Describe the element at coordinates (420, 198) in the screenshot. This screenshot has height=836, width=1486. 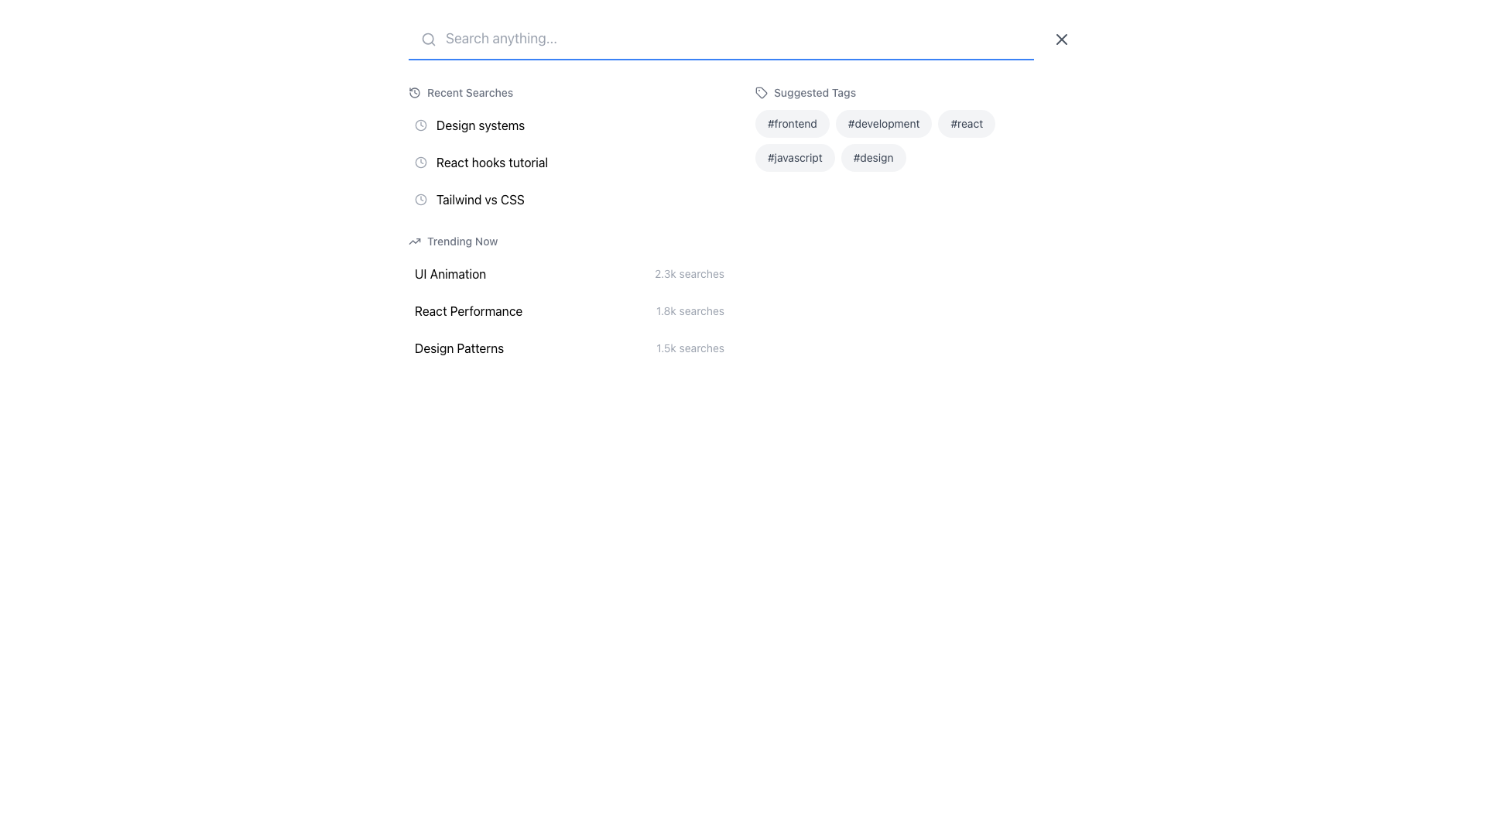
I see `the SVG Circle element that represents a clock face, which is part of a clock icon adjacent to the 'Recent Searches' text` at that location.